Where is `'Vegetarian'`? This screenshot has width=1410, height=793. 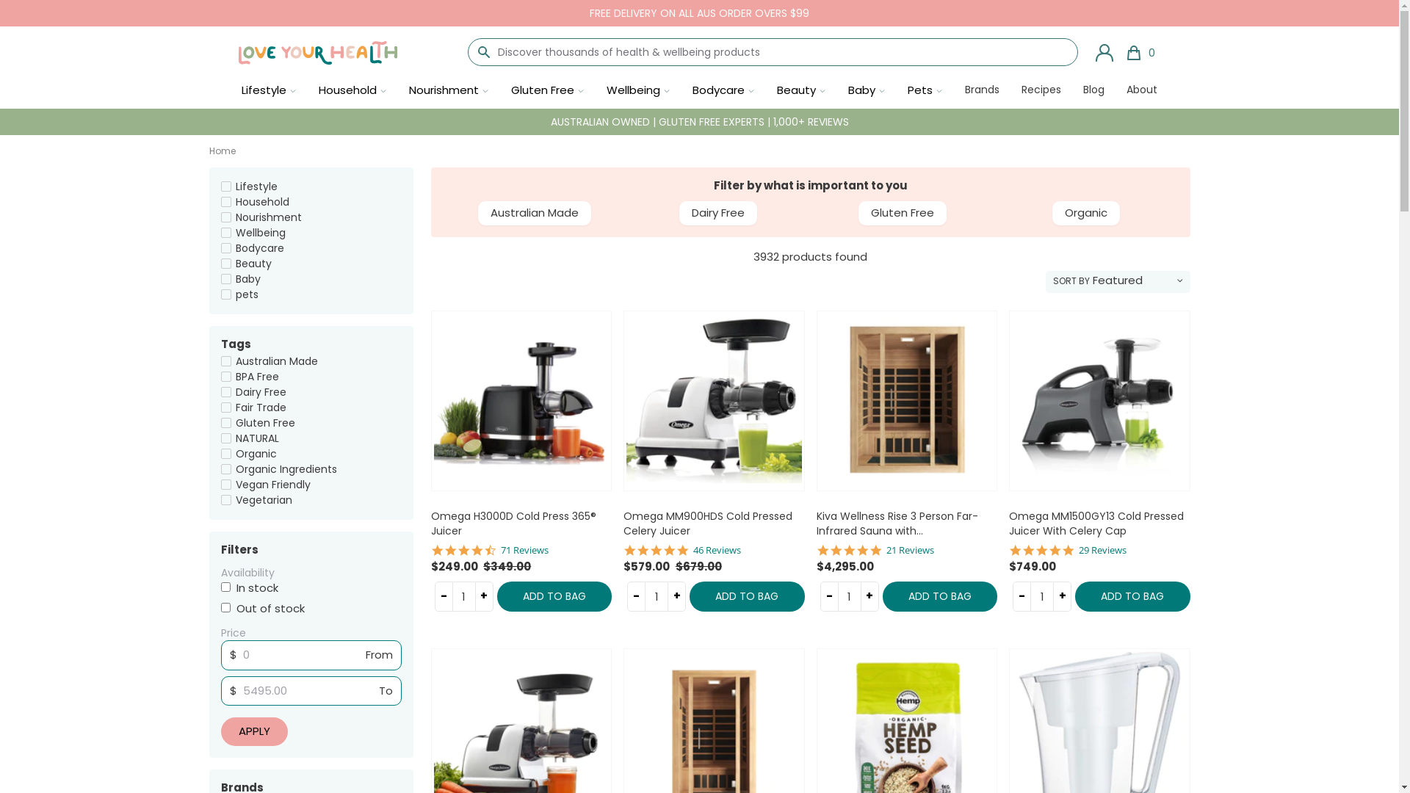
'Vegetarian' is located at coordinates (264, 499).